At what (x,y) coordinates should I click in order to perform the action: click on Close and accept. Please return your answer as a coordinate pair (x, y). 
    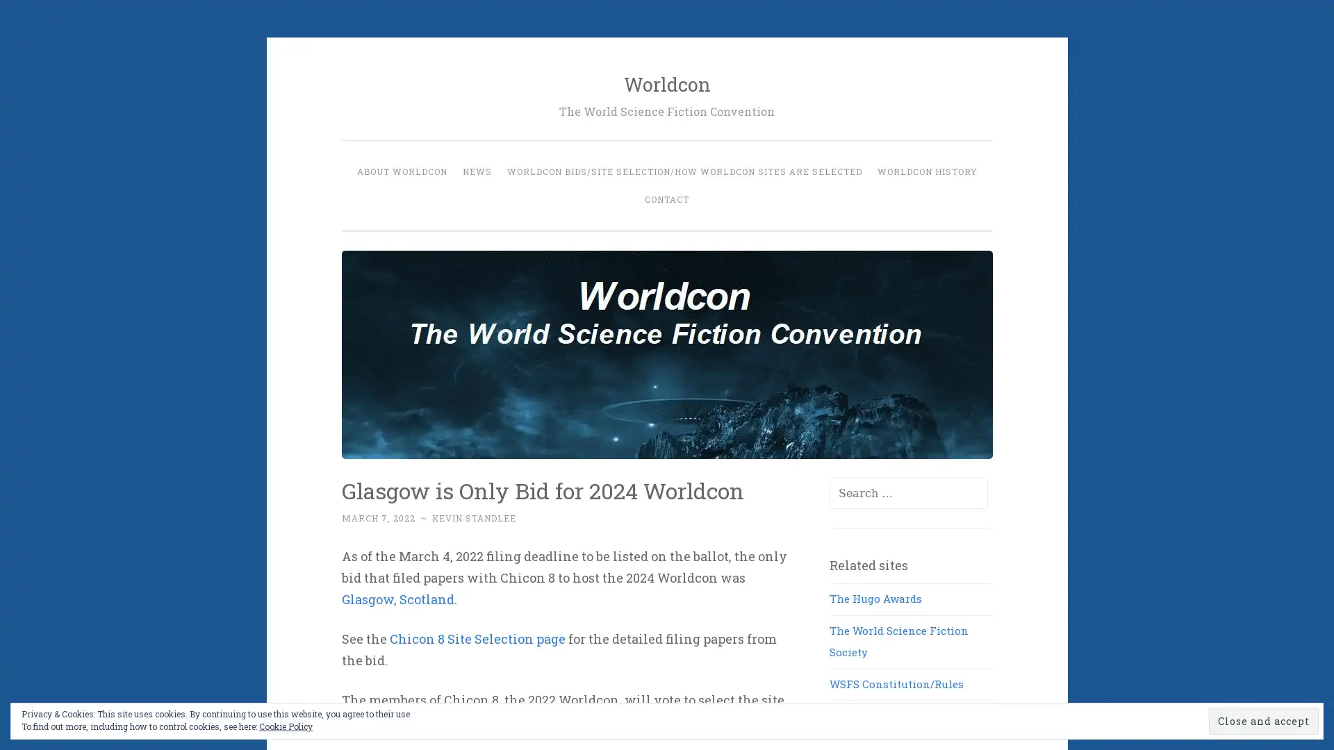
    Looking at the image, I should click on (1264, 720).